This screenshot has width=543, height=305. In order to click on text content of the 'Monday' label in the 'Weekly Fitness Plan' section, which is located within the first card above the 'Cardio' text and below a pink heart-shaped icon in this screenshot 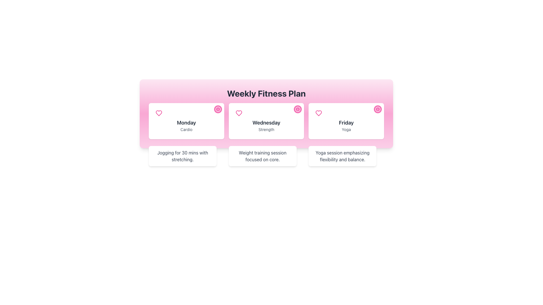, I will do `click(186, 123)`.